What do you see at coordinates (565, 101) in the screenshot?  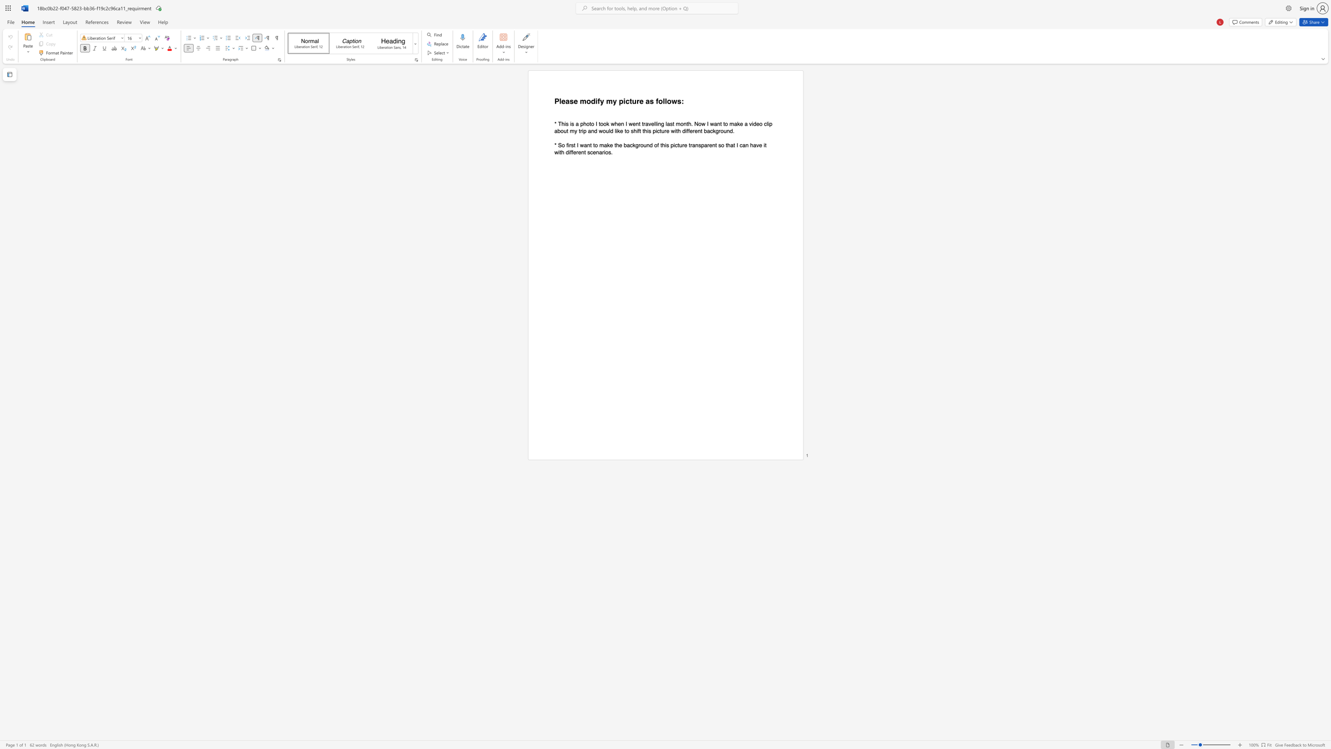 I see `the subset text "ase modif" within the text "Please modify my picture as follows:"` at bounding box center [565, 101].